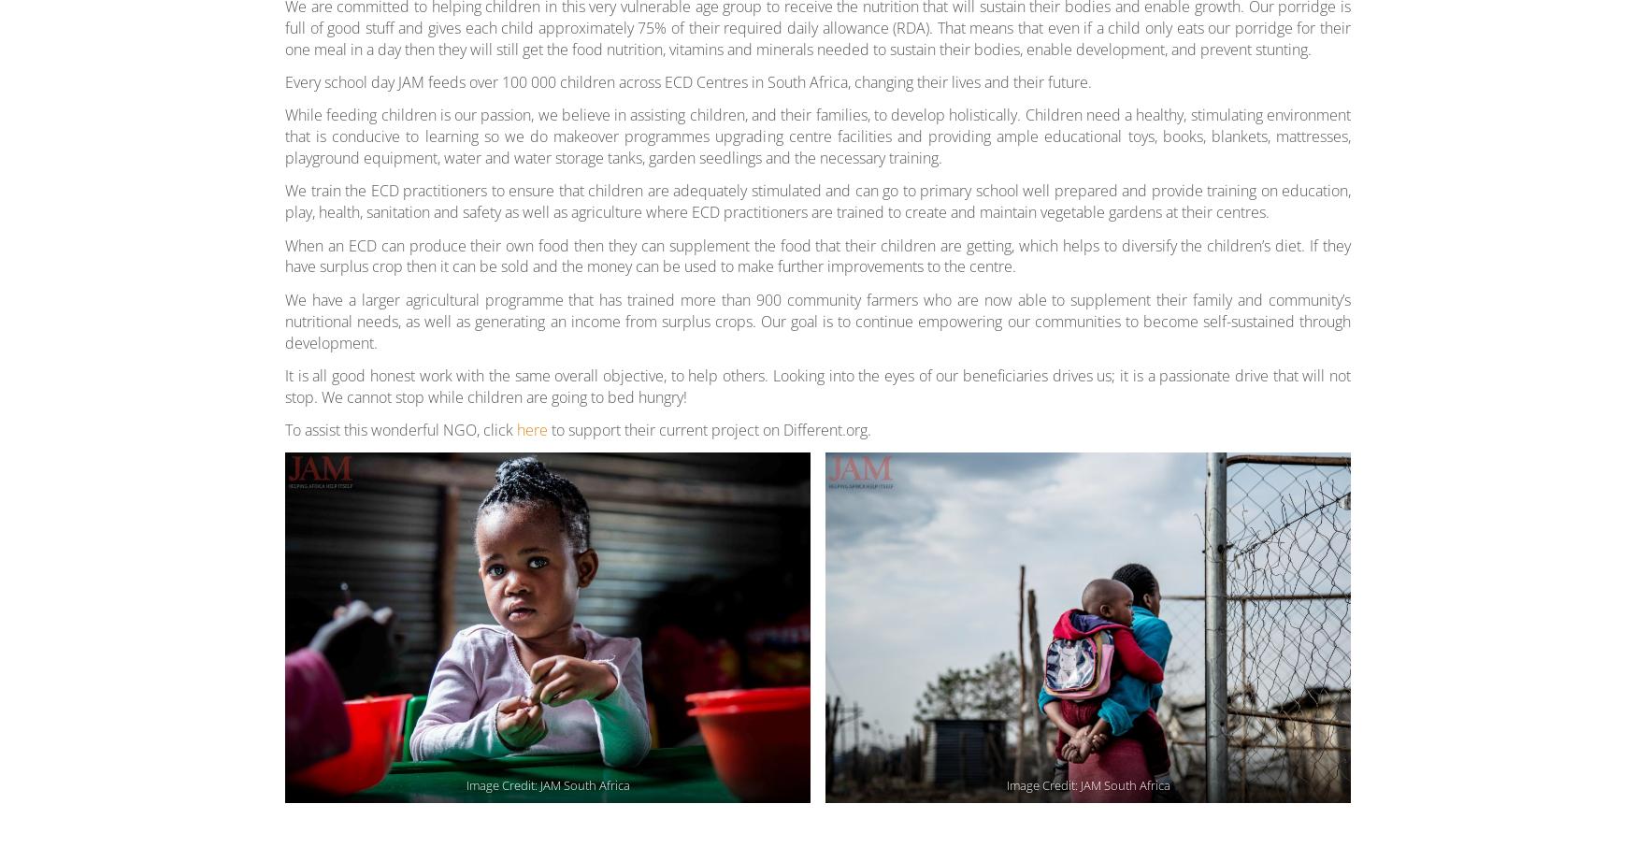 The height and width of the screenshot is (847, 1636). I want to click on 'here', so click(532, 428).